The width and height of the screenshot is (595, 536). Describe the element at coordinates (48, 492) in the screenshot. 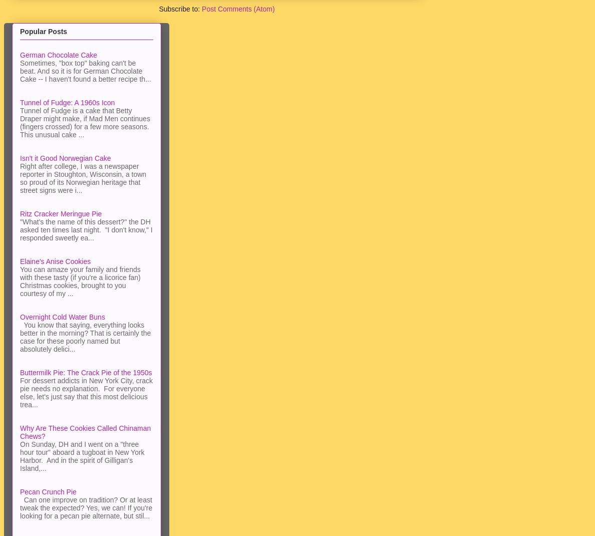

I see `'Pecan Crunch Pie'` at that location.